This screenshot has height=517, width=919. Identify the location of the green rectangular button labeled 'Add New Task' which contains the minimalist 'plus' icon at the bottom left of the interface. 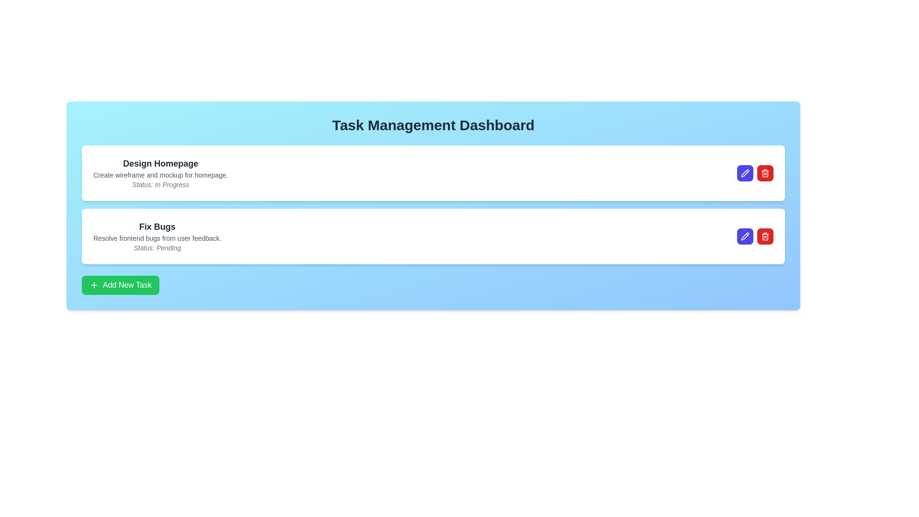
(94, 285).